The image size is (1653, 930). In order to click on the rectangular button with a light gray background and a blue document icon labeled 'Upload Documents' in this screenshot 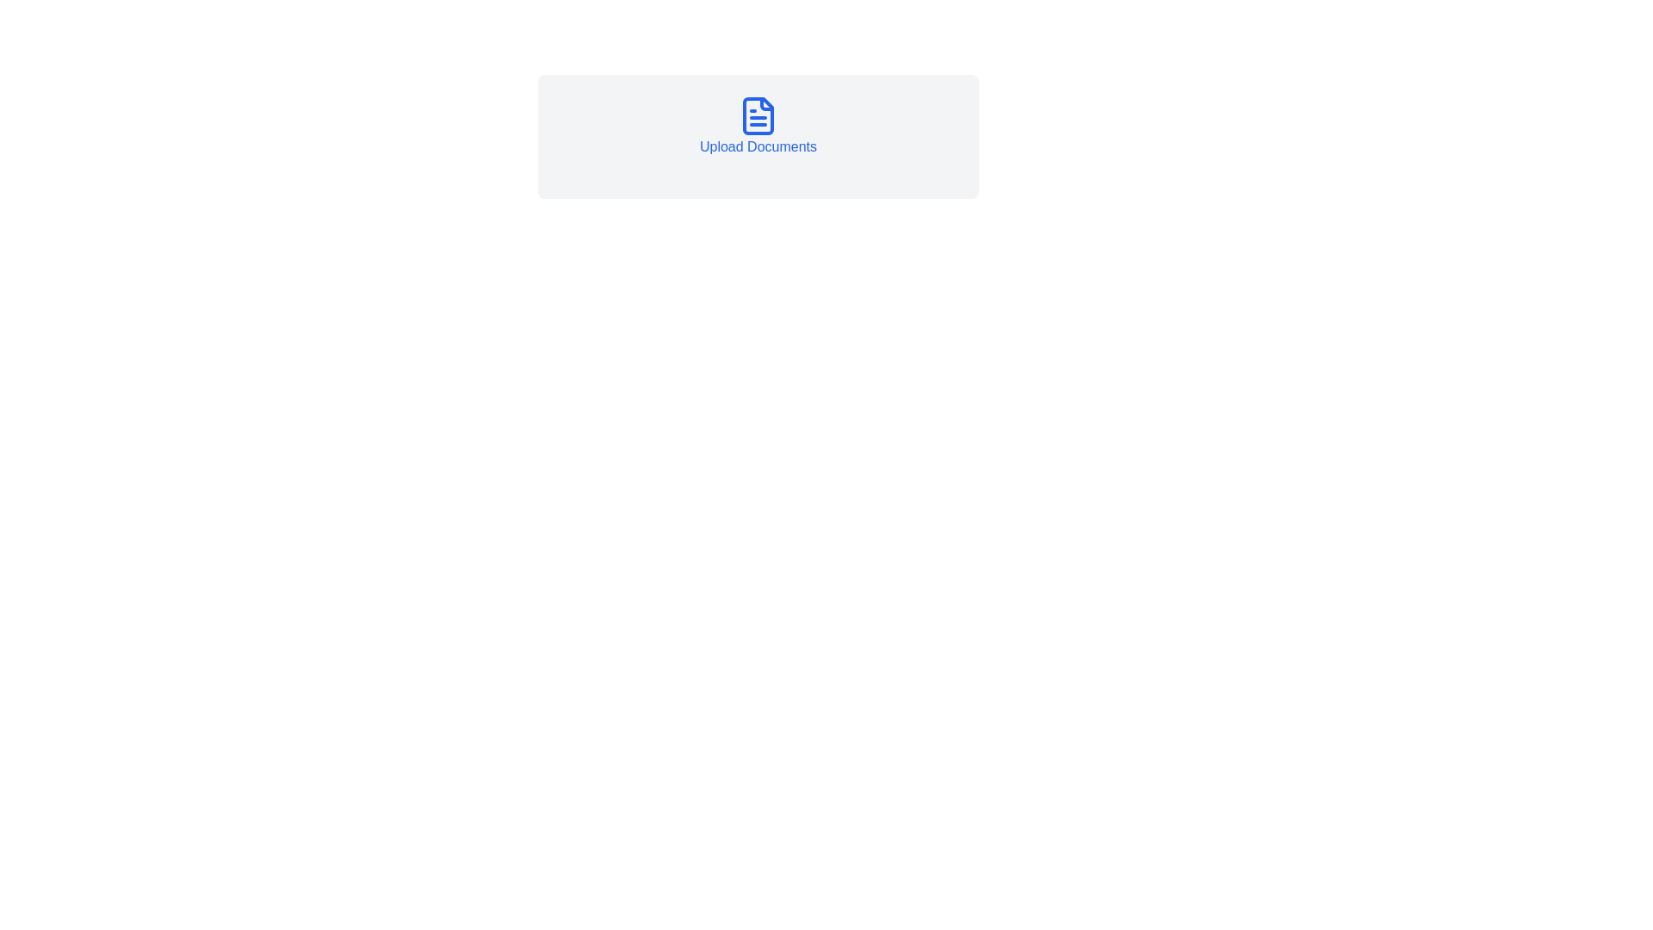, I will do `click(758, 135)`.